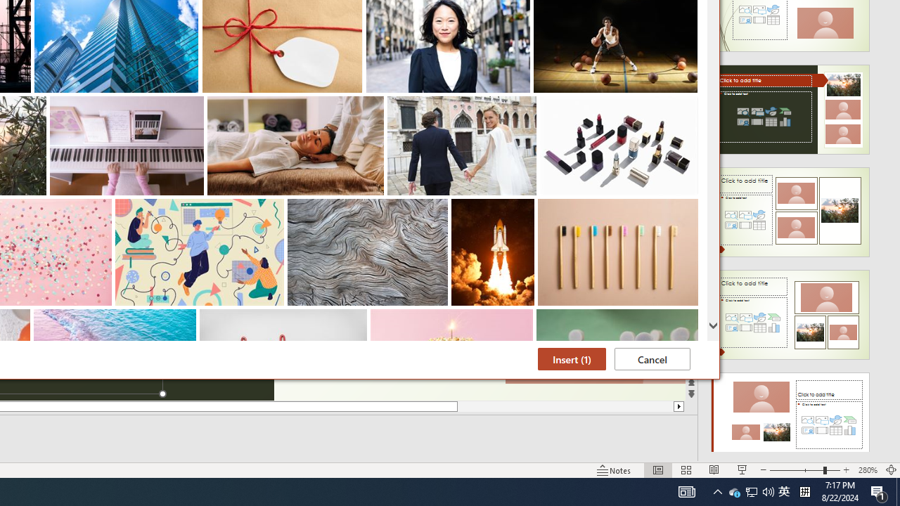  I want to click on 'Zoom 280%', so click(867, 470).